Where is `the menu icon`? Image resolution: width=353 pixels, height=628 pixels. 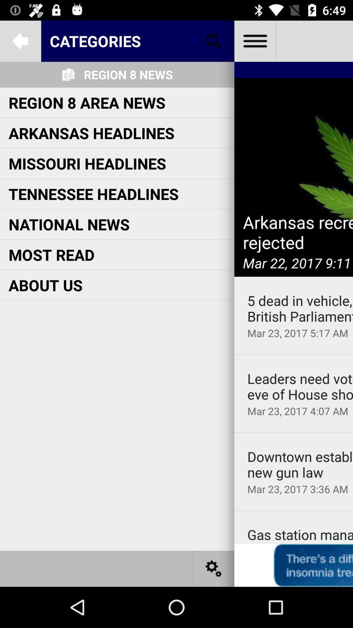 the menu icon is located at coordinates (254, 41).